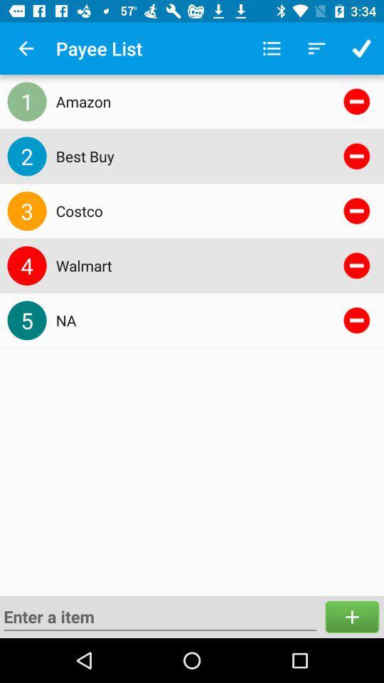 This screenshot has height=683, width=384. Describe the element at coordinates (356, 100) in the screenshot. I see `remove` at that location.